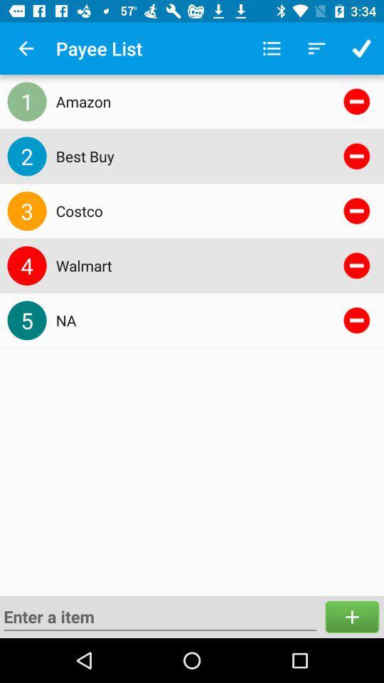 This screenshot has height=683, width=384. Describe the element at coordinates (356, 100) in the screenshot. I see `remove` at that location.